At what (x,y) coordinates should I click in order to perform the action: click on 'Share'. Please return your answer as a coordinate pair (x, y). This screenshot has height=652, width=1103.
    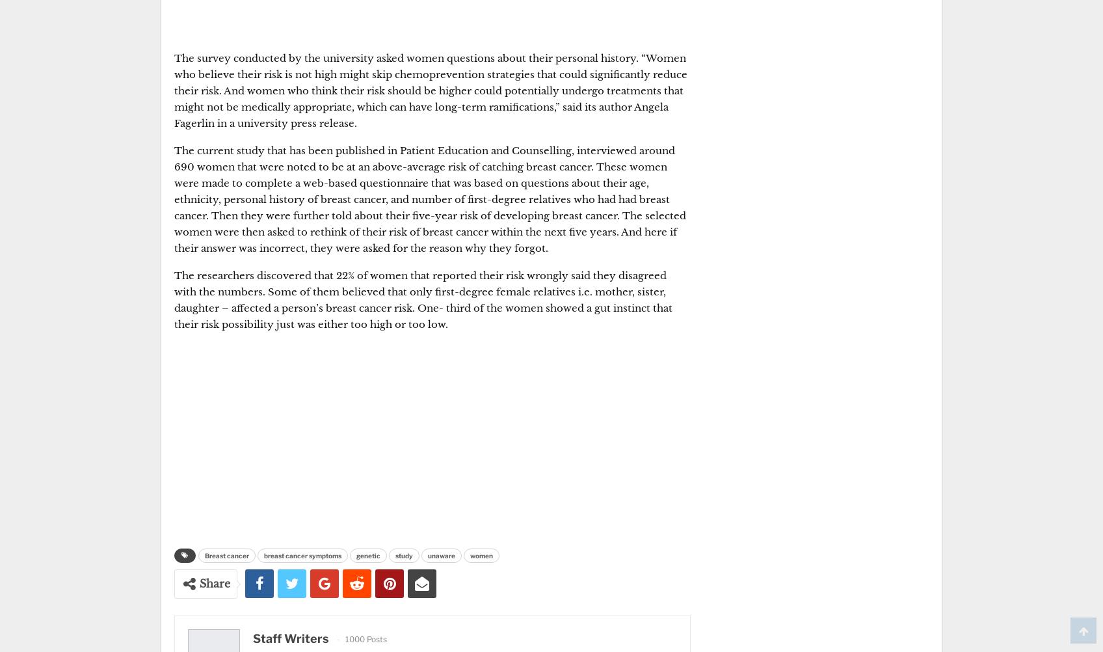
    Looking at the image, I should click on (215, 583).